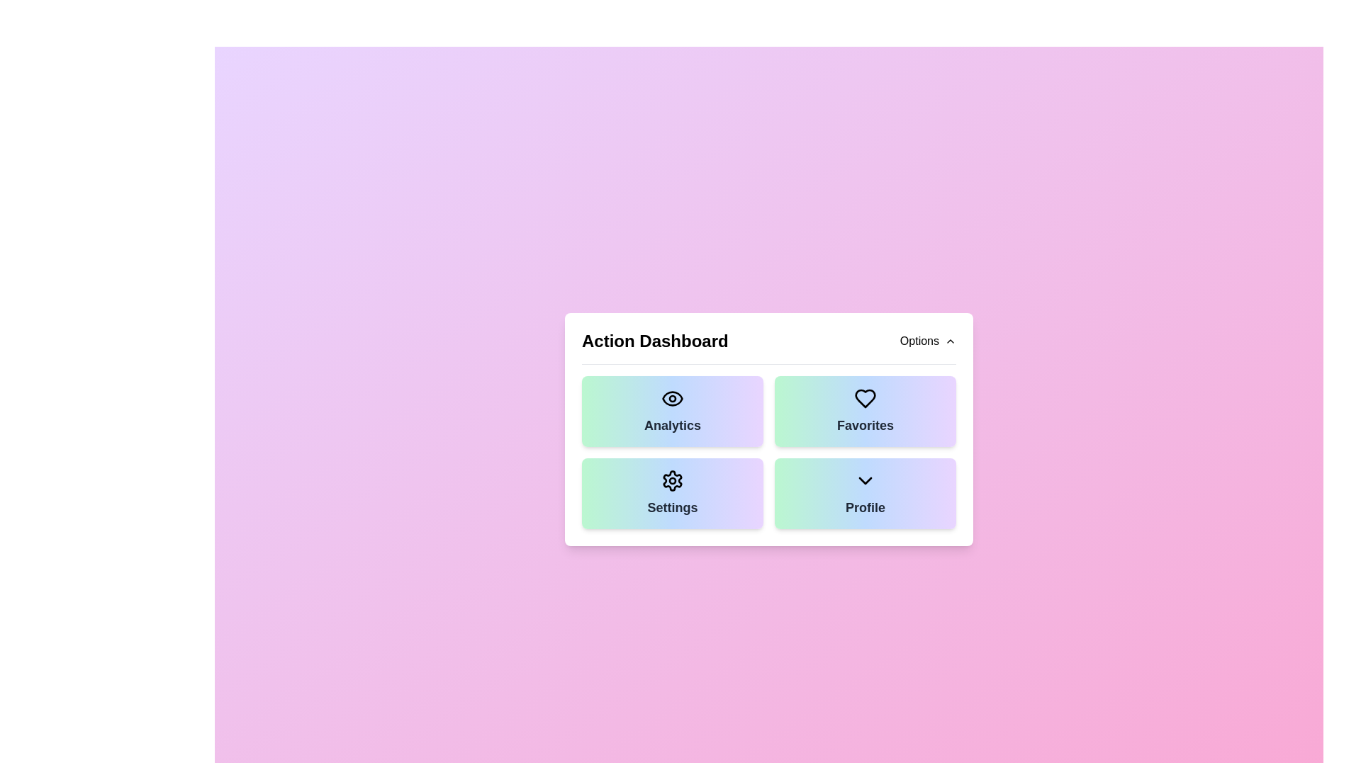  Describe the element at coordinates (928, 341) in the screenshot. I see `the 'Options' dropdown menu trigger located in the top-right corner of the Action Dashboard section` at that location.